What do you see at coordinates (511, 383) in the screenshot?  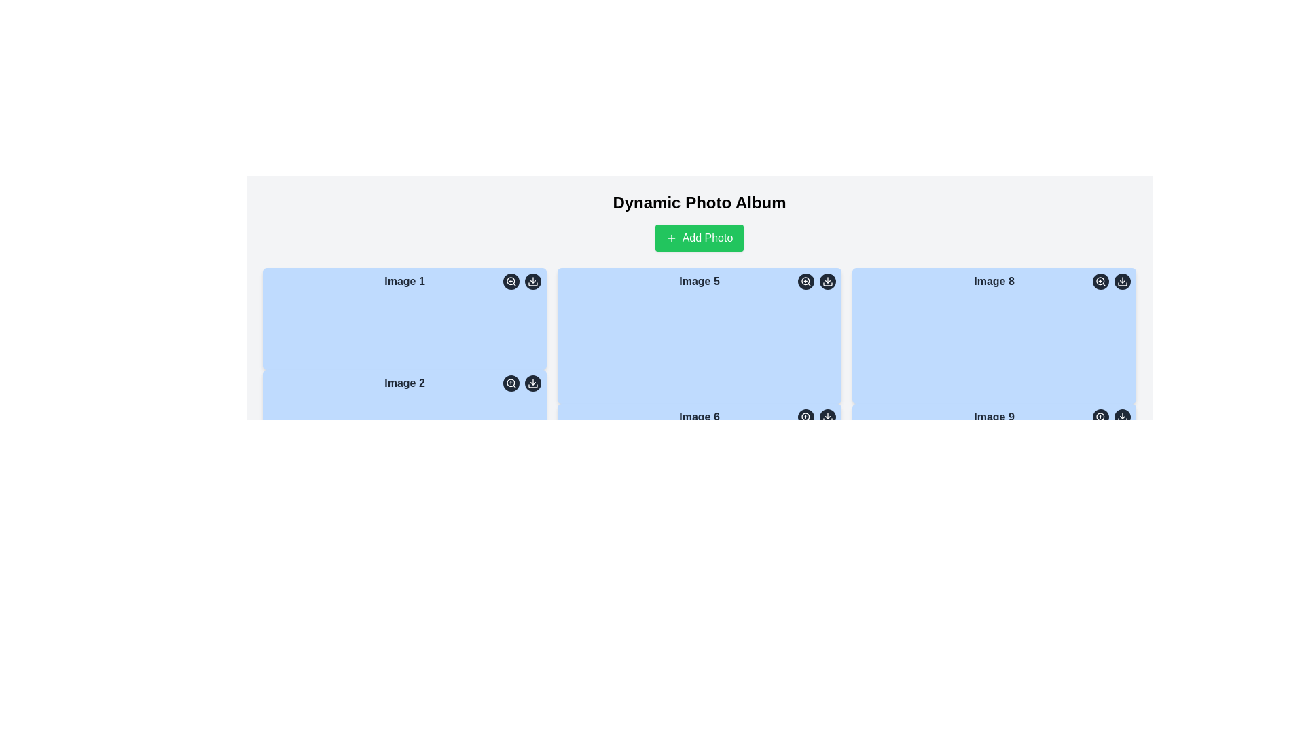 I see `the small circular zoom-in button with a dark gray background and white magnifying glass icon located at the top-right corner of 'Image 2' to observe the hover effect` at bounding box center [511, 383].